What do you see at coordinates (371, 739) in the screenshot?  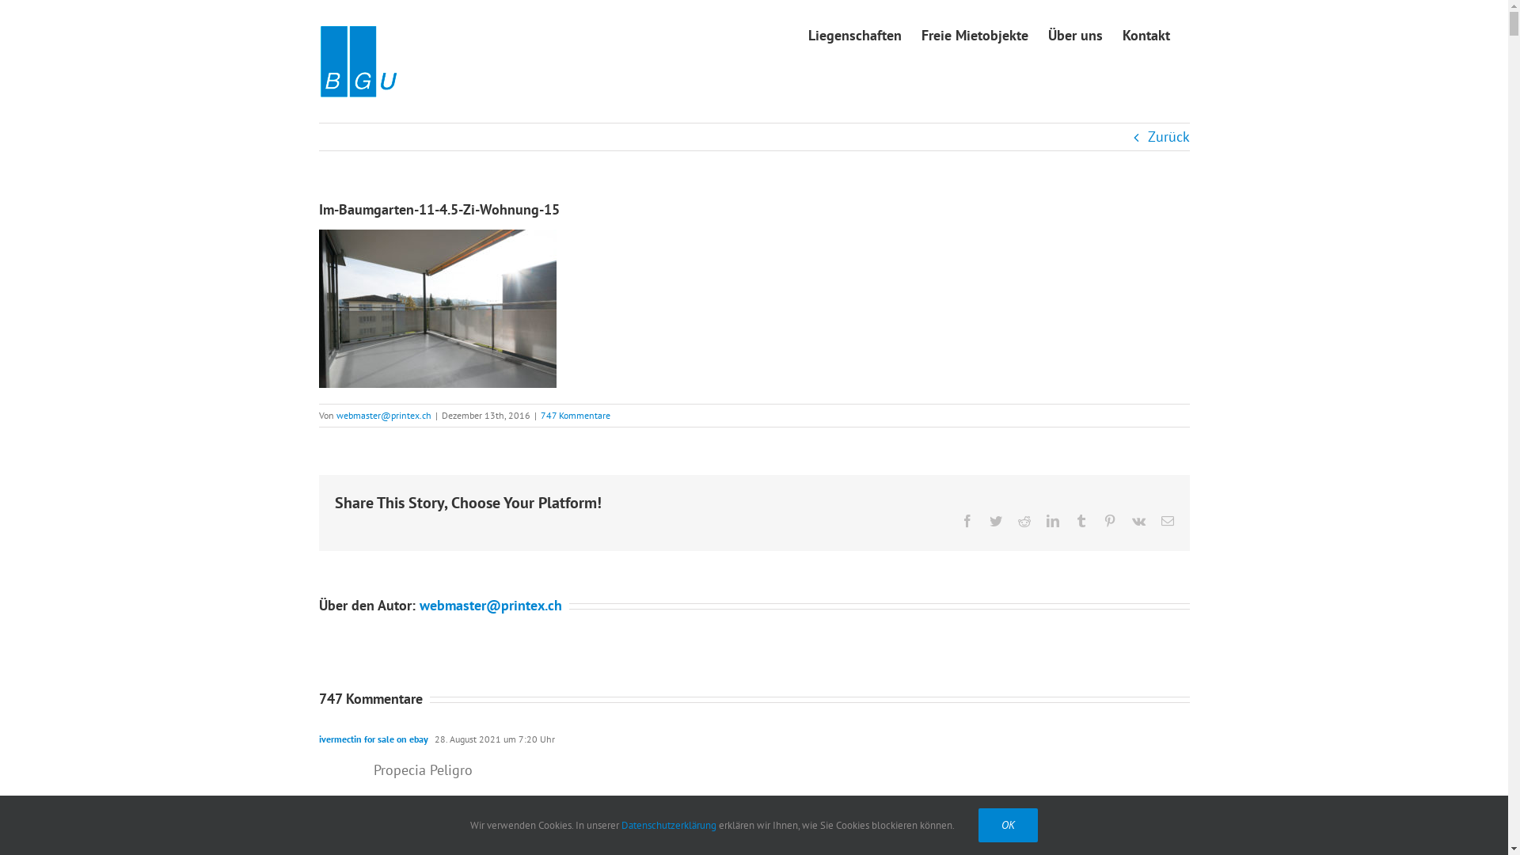 I see `'ivermectin for sale on ebay'` at bounding box center [371, 739].